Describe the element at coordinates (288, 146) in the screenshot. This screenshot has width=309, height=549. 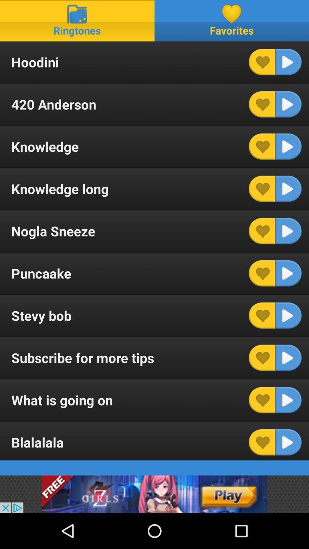
I see `click for sample` at that location.